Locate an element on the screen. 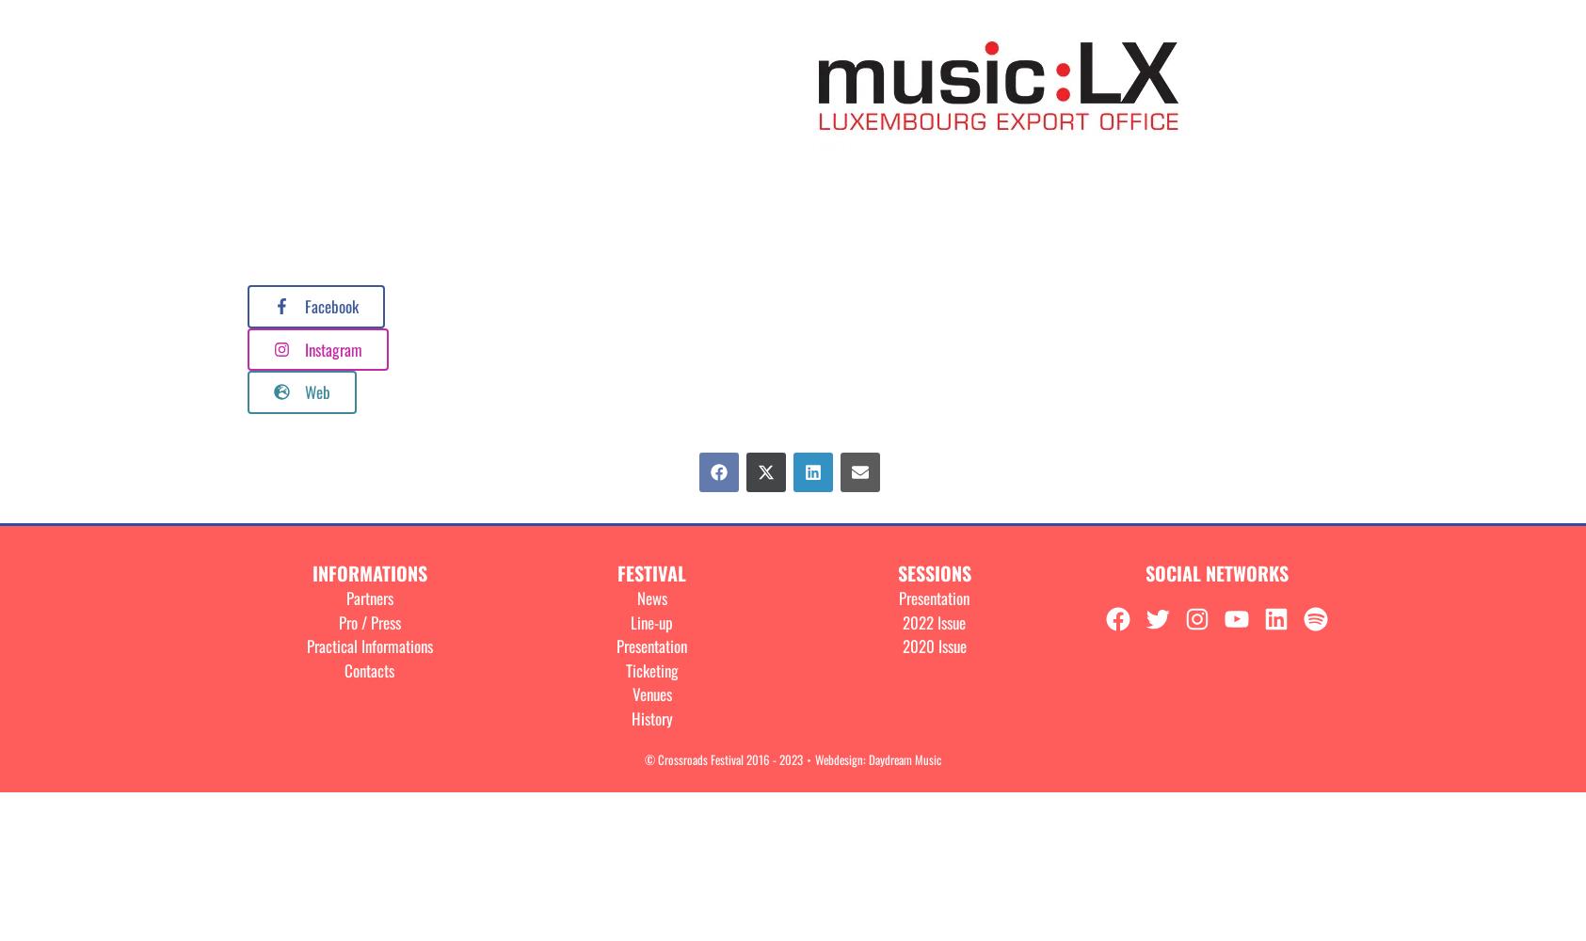  '2022 Issue' is located at coordinates (934, 621).